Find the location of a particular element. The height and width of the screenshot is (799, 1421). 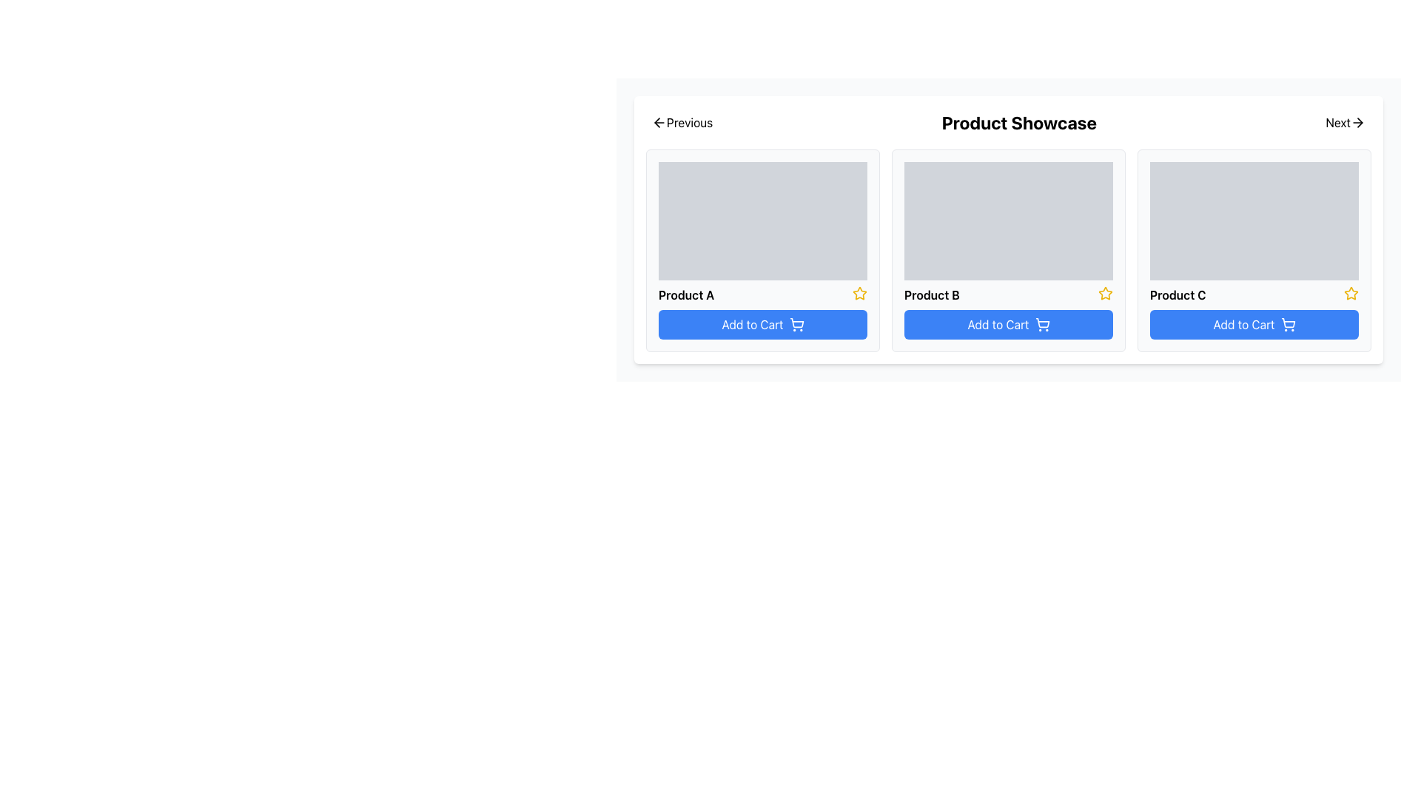

the 'Next' navigation icon located at the top-right corner of the interface is located at coordinates (1360, 121).